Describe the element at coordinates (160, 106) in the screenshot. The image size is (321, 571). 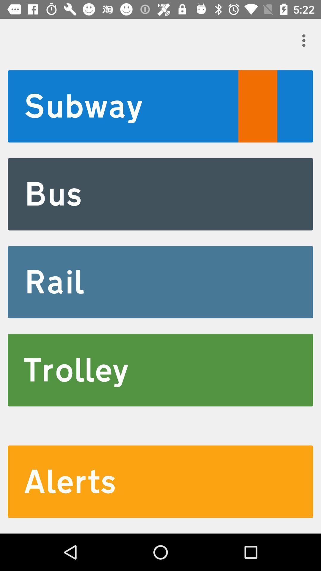
I see `the item above bus item` at that location.